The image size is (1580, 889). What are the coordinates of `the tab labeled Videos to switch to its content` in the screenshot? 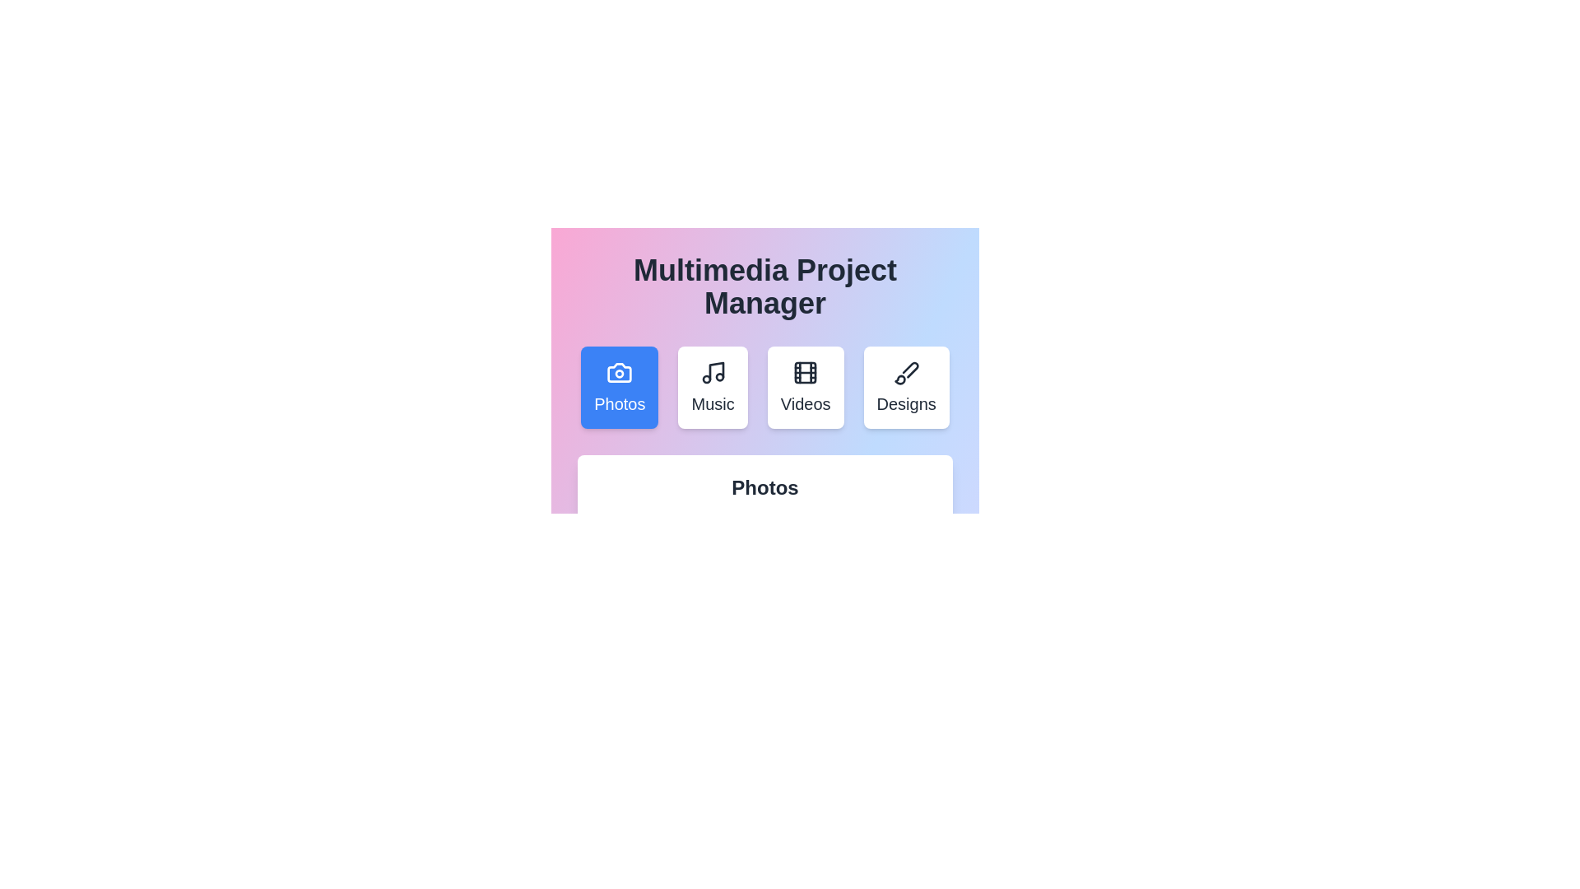 It's located at (806, 387).